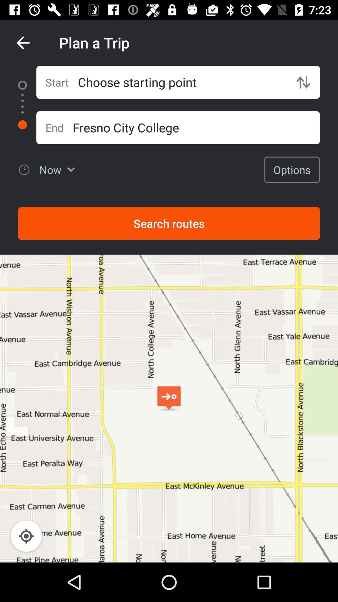 The width and height of the screenshot is (338, 602). I want to click on the options icon, so click(292, 170).